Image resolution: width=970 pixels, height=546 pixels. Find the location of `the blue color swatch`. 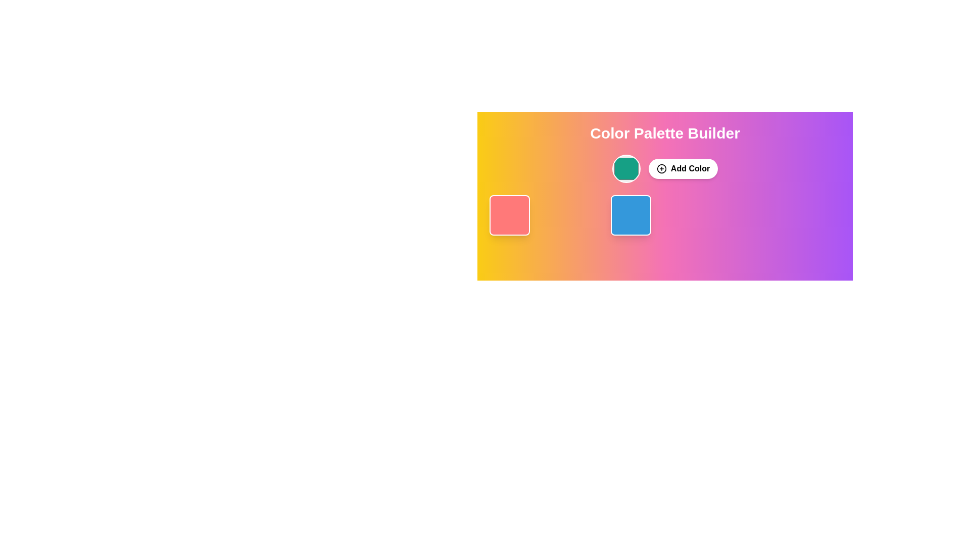

the blue color swatch is located at coordinates (630, 214).